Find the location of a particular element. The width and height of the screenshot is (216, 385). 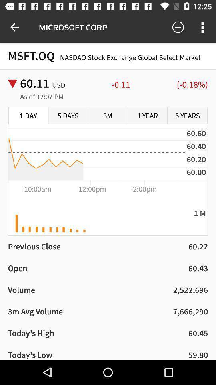

icon next to 3m item is located at coordinates (68, 115).